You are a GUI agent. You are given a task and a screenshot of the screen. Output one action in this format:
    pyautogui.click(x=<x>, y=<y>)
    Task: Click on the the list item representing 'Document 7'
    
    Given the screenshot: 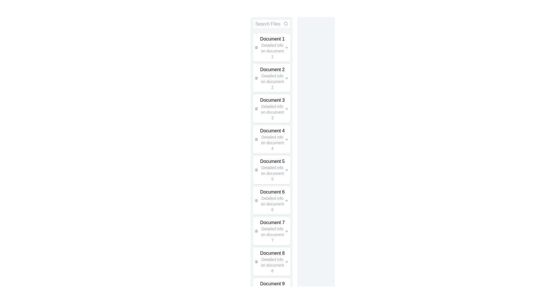 What is the action you would take?
    pyautogui.click(x=271, y=231)
    